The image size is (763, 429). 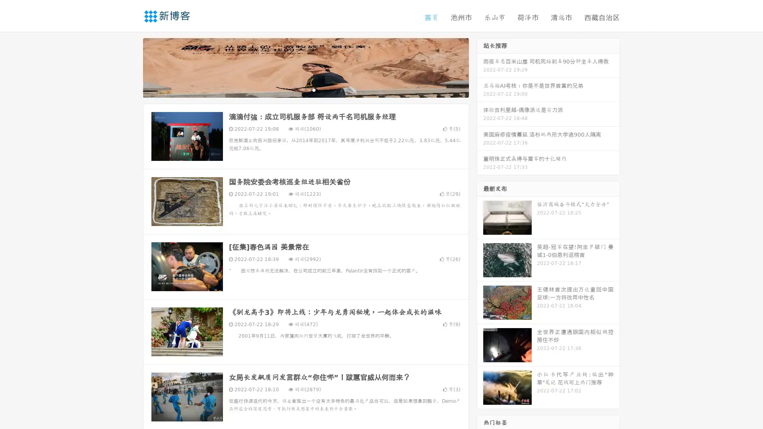 I want to click on Go to slide 3, so click(x=314, y=89).